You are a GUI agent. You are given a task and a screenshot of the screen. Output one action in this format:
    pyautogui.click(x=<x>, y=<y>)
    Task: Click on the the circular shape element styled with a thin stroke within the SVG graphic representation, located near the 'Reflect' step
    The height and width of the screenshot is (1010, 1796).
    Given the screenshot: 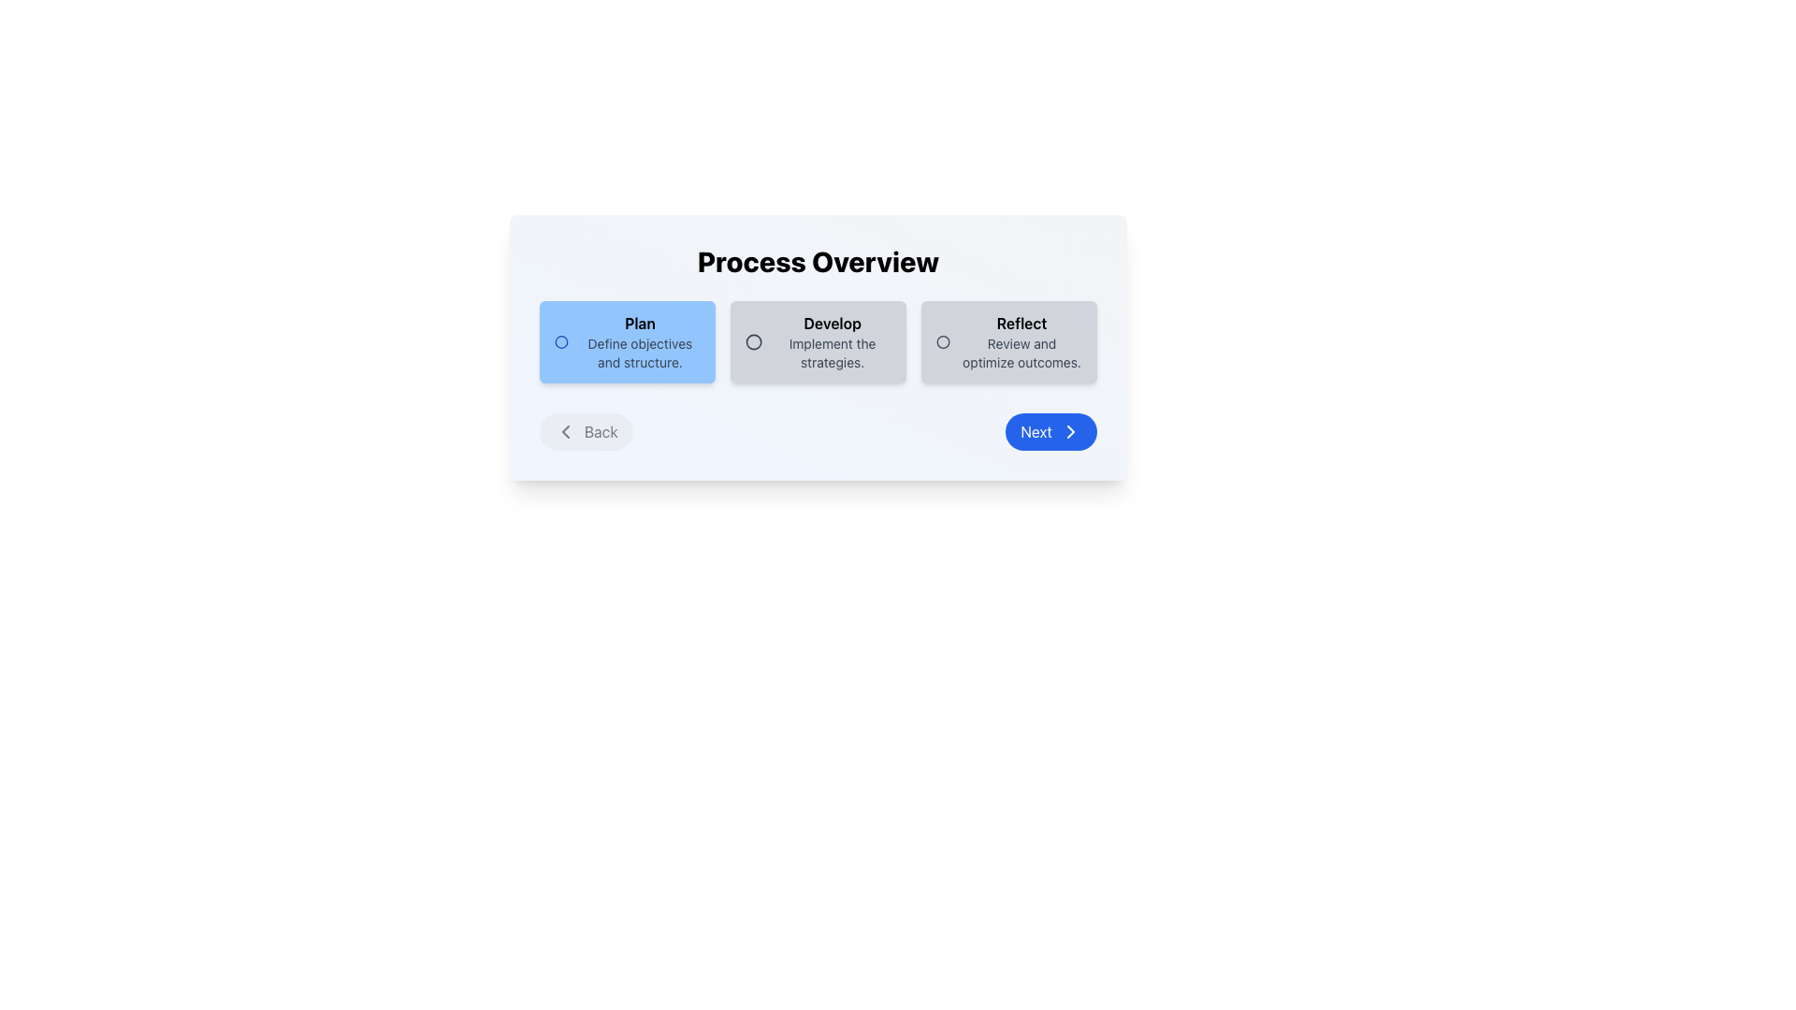 What is the action you would take?
    pyautogui.click(x=943, y=342)
    